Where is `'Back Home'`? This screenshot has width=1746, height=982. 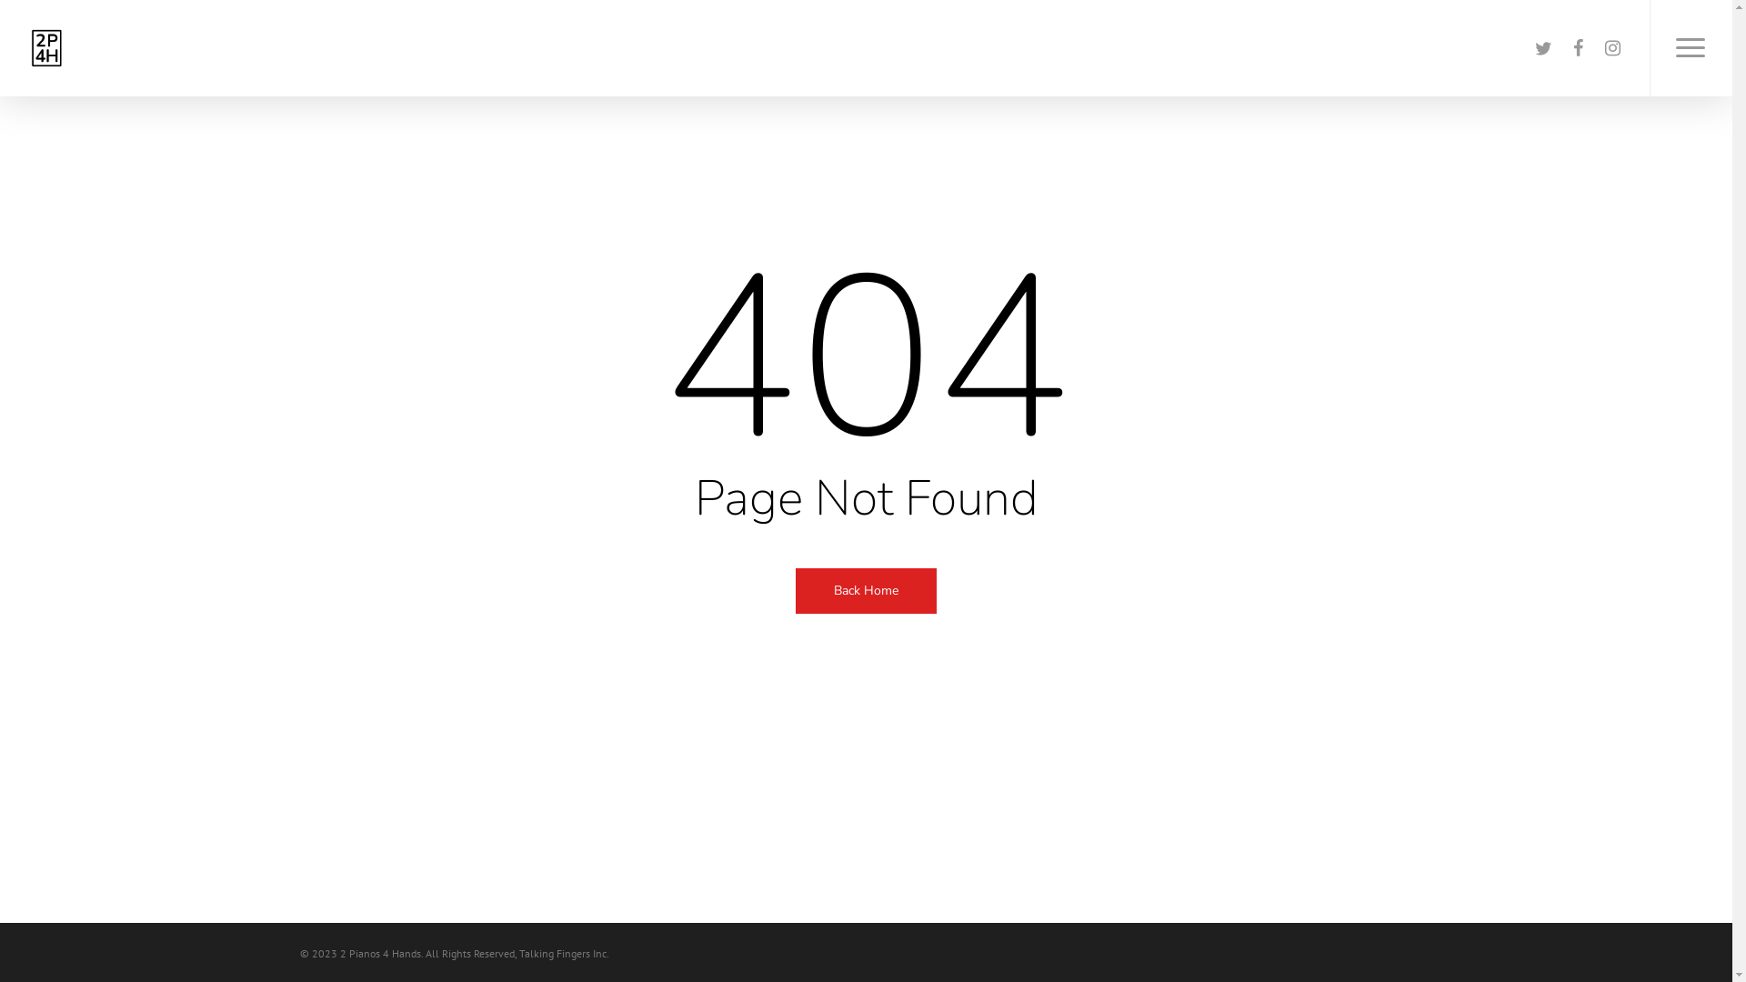 'Back Home' is located at coordinates (795, 589).